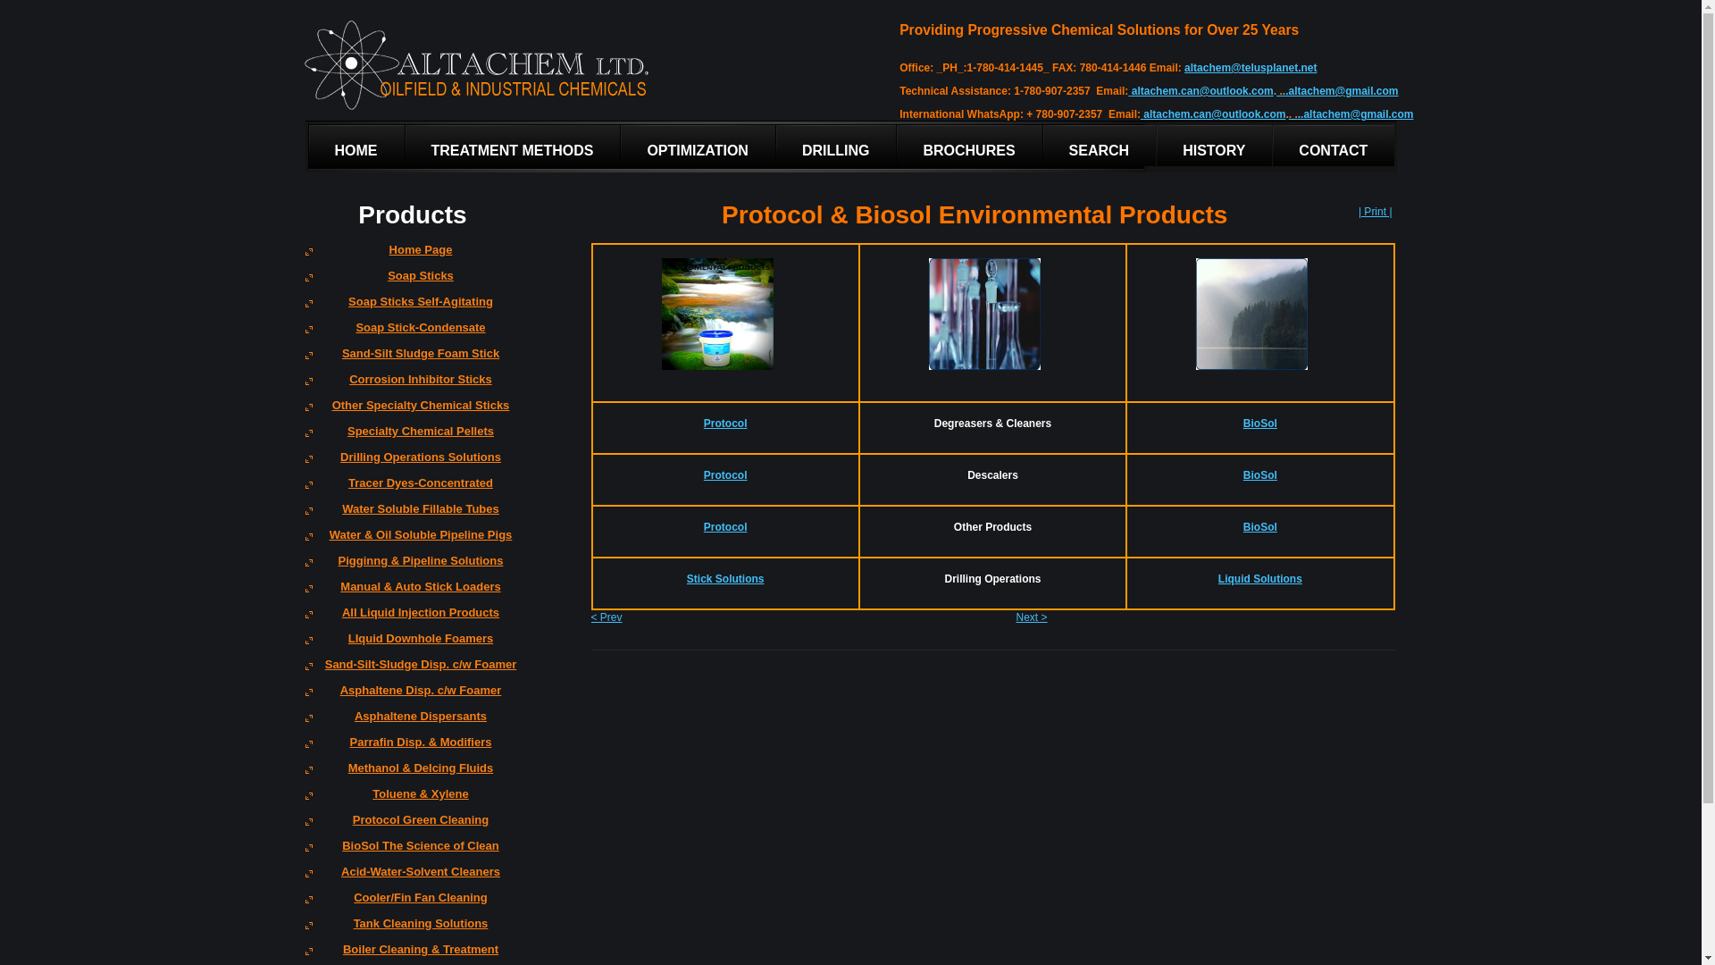 This screenshot has height=965, width=1715. What do you see at coordinates (412, 256) in the screenshot?
I see `'Home Page'` at bounding box center [412, 256].